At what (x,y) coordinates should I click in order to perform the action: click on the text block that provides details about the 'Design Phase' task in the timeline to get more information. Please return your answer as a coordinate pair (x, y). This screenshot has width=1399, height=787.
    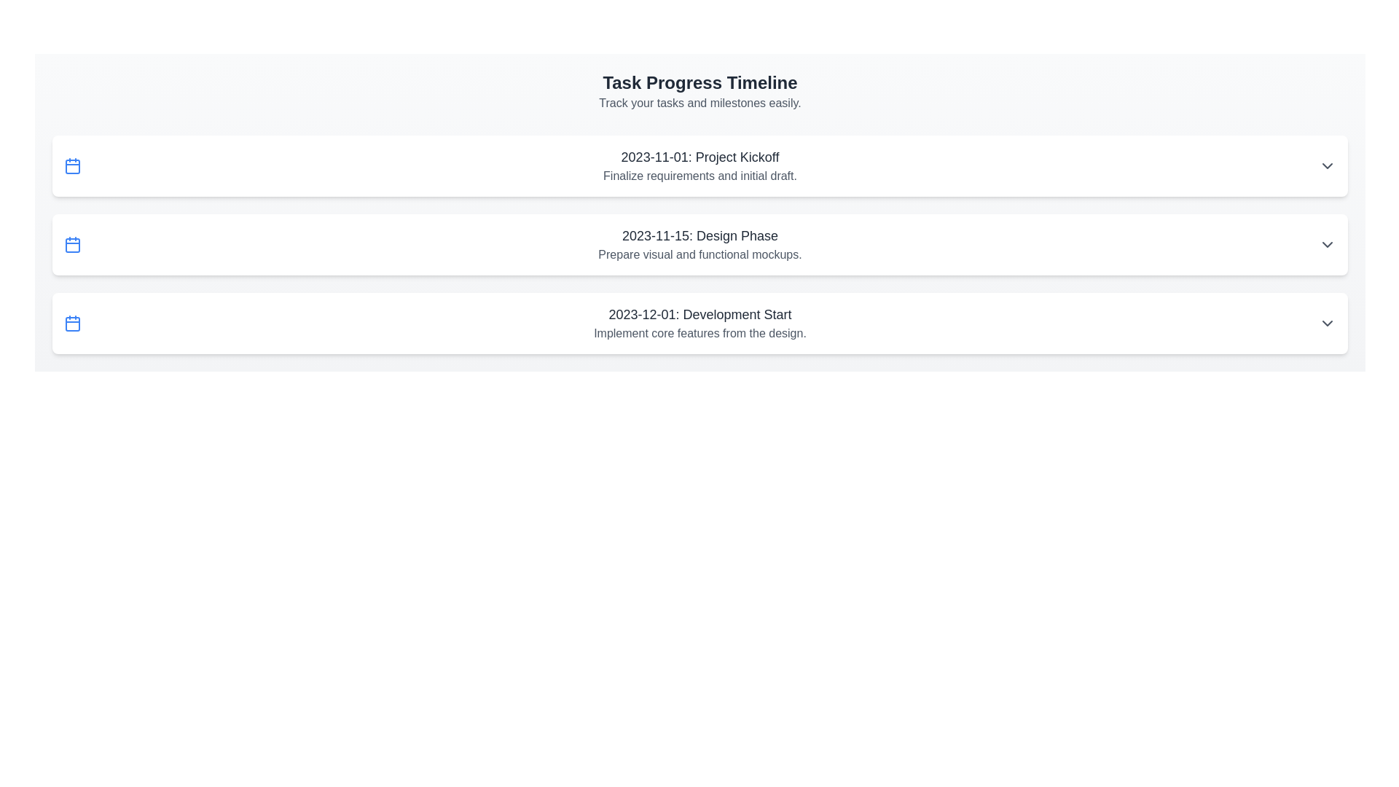
    Looking at the image, I should click on (699, 243).